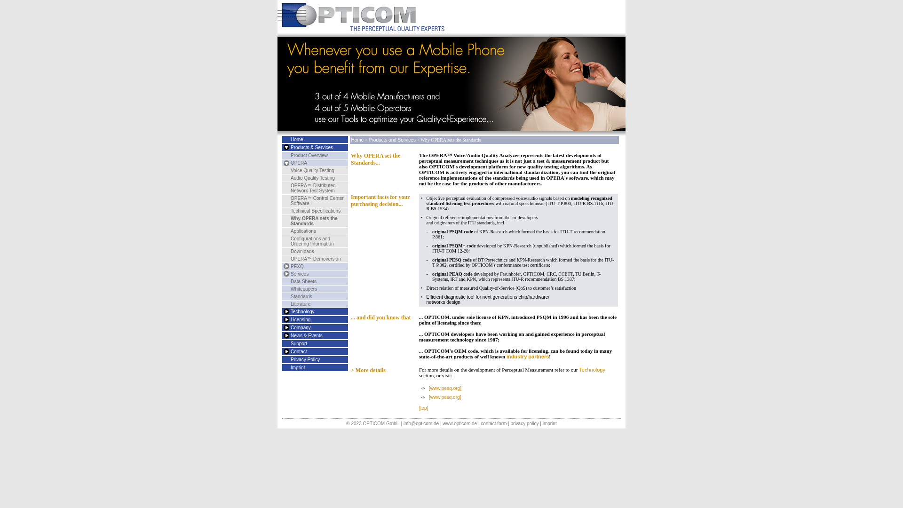 This screenshot has height=508, width=903. Describe the element at coordinates (290, 251) in the screenshot. I see `'Downloads'` at that location.